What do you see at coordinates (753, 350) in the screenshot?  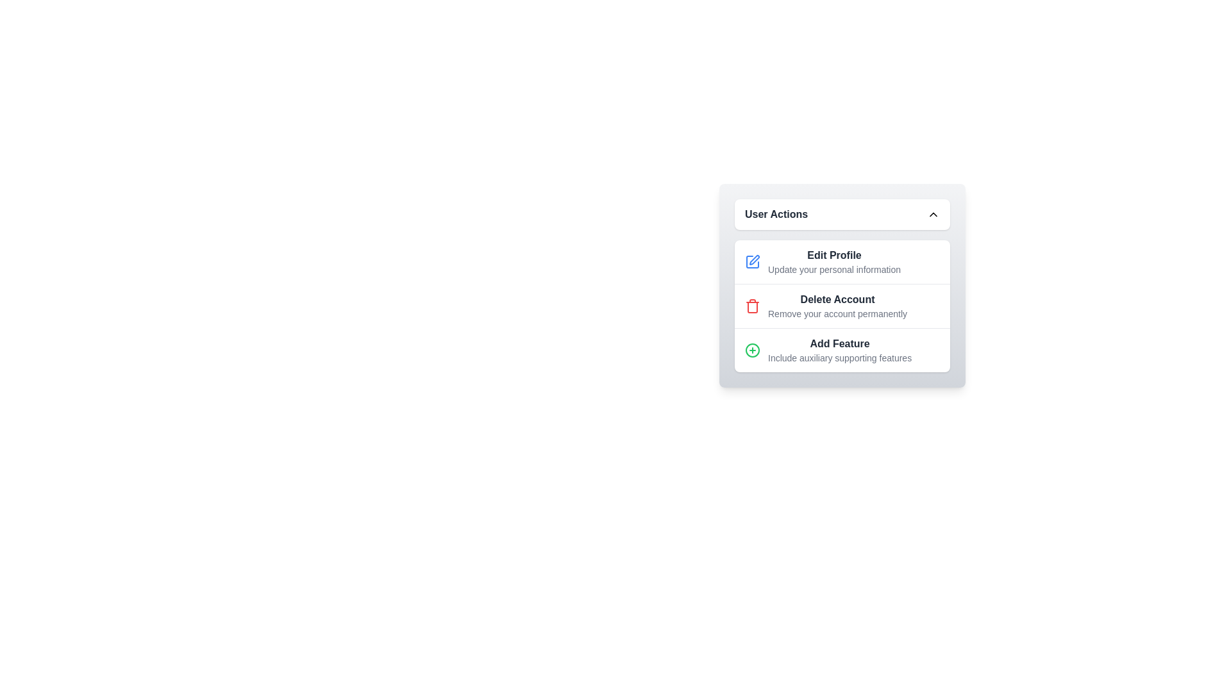 I see `the circular icon representing the 'Add Feature' action in the bottom section of the 'User Actions' panel` at bounding box center [753, 350].